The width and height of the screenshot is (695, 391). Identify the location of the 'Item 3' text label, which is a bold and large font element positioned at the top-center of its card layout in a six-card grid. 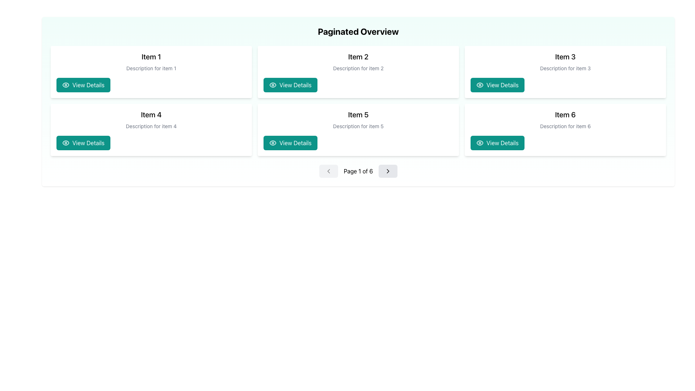
(565, 56).